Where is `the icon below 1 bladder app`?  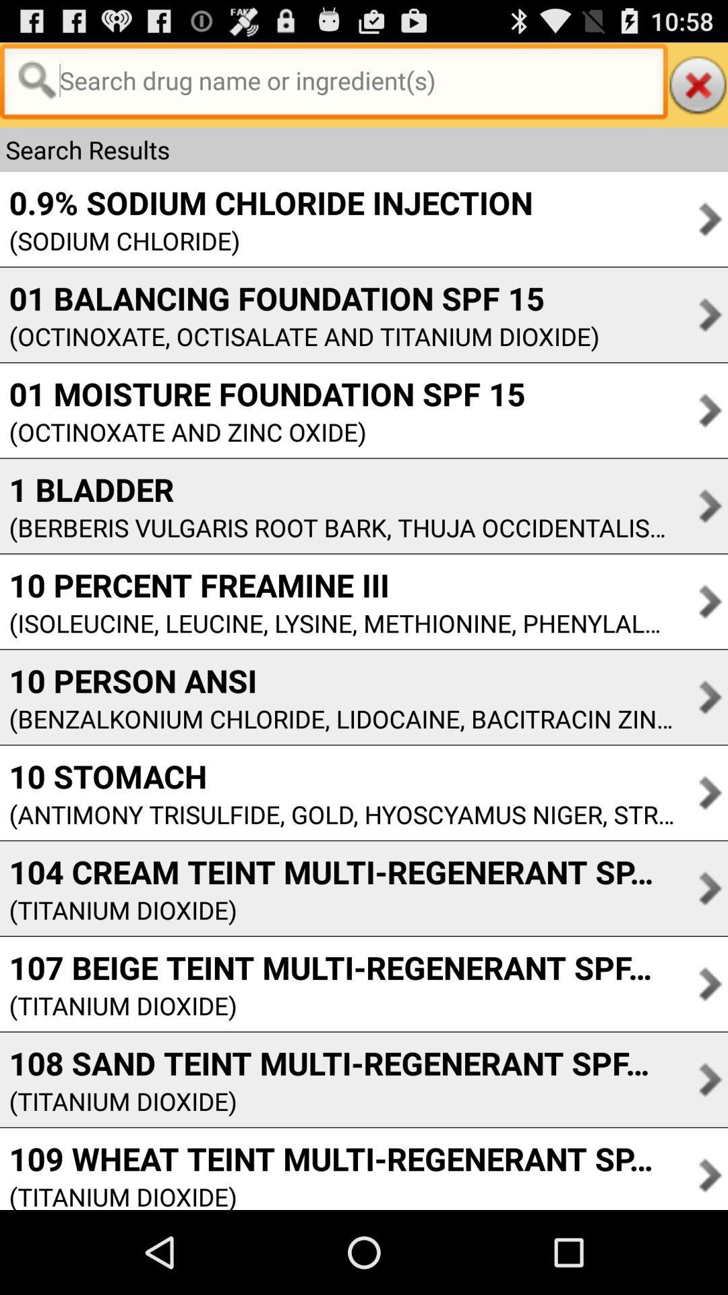
the icon below 1 bladder app is located at coordinates (336, 527).